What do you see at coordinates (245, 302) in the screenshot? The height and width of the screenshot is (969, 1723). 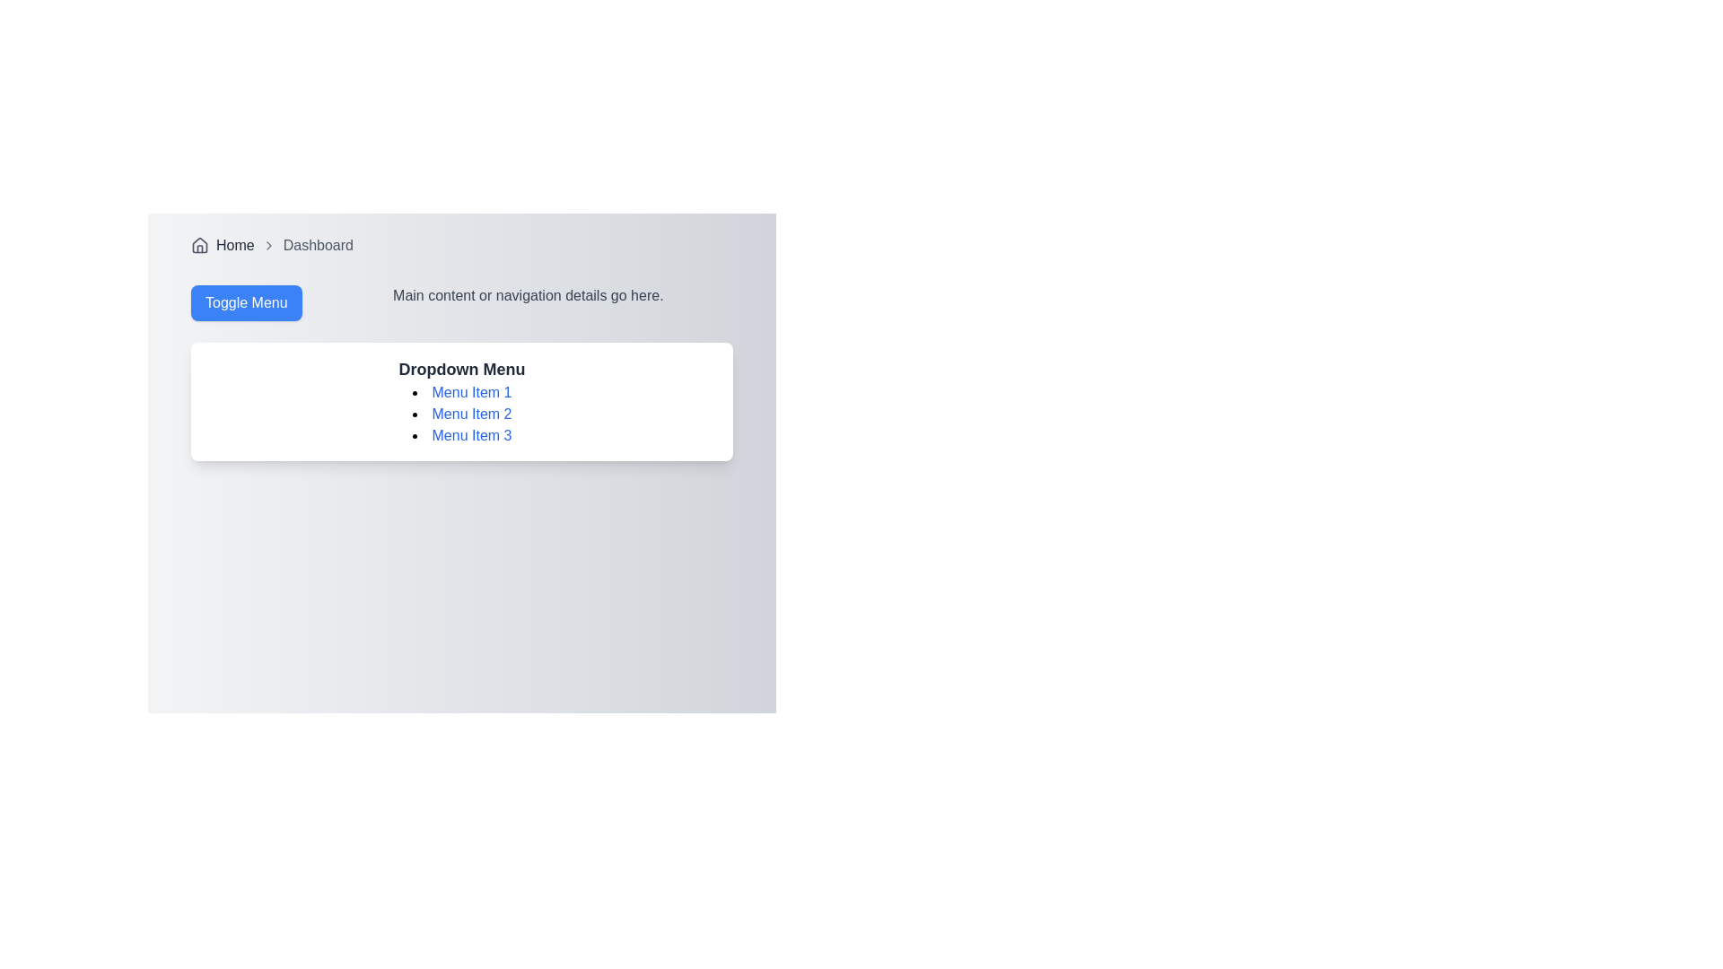 I see `the blue button labeled 'Toggle Menu' located` at bounding box center [245, 302].